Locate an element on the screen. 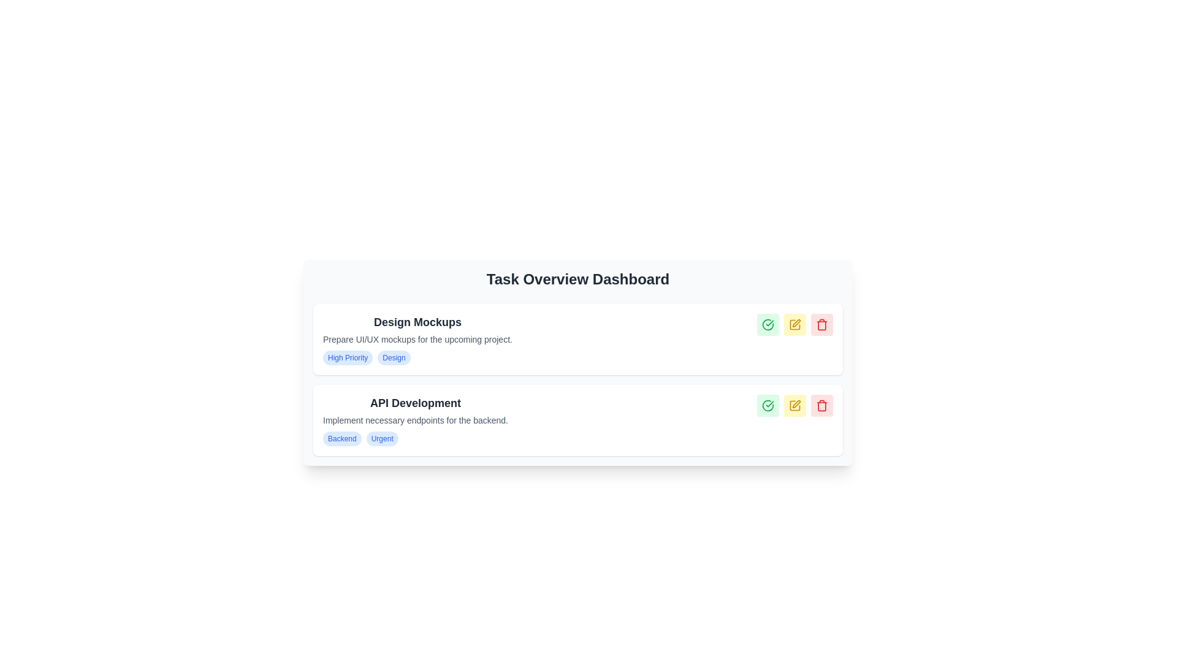 This screenshot has height=662, width=1177. the yellow square button with a pen icon located at the center of the row of three functional buttons on the right side of the 'API Development' task card to initiate an edit action is located at coordinates (794, 406).